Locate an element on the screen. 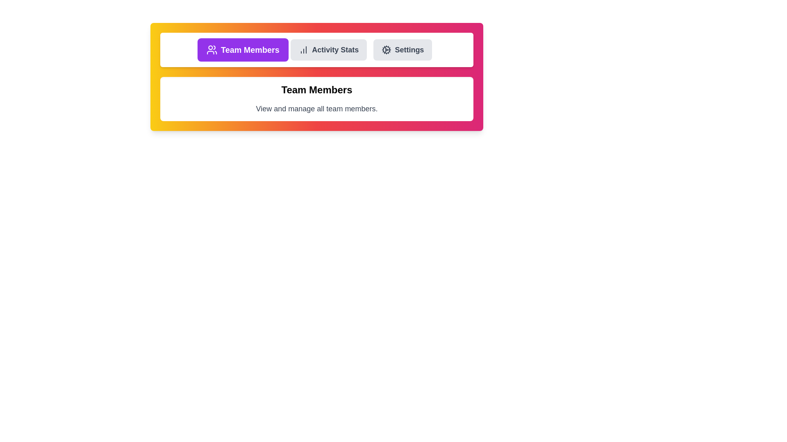 The image size is (787, 442). the tab labeled Settings to view its description is located at coordinates (403, 50).